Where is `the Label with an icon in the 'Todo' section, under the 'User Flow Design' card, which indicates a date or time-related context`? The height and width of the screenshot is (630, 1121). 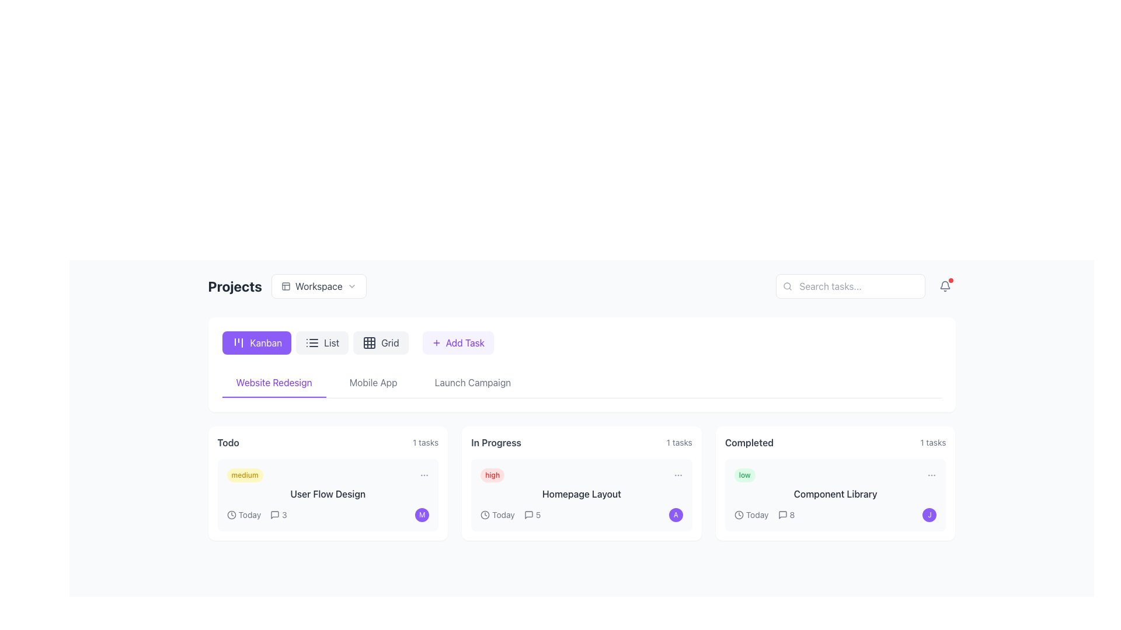 the Label with an icon in the 'Todo' section, under the 'User Flow Design' card, which indicates a date or time-related context is located at coordinates (243, 514).